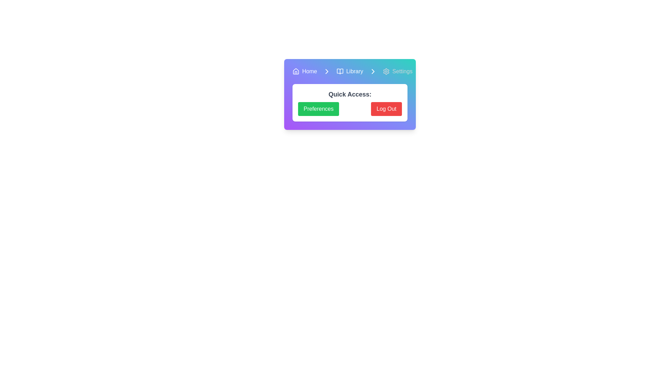 This screenshot has height=375, width=667. Describe the element at coordinates (355, 71) in the screenshot. I see `the breadcrumb link text label located between the 'Home' link and the 'Settings' link in the navigation bar for additional information` at that location.